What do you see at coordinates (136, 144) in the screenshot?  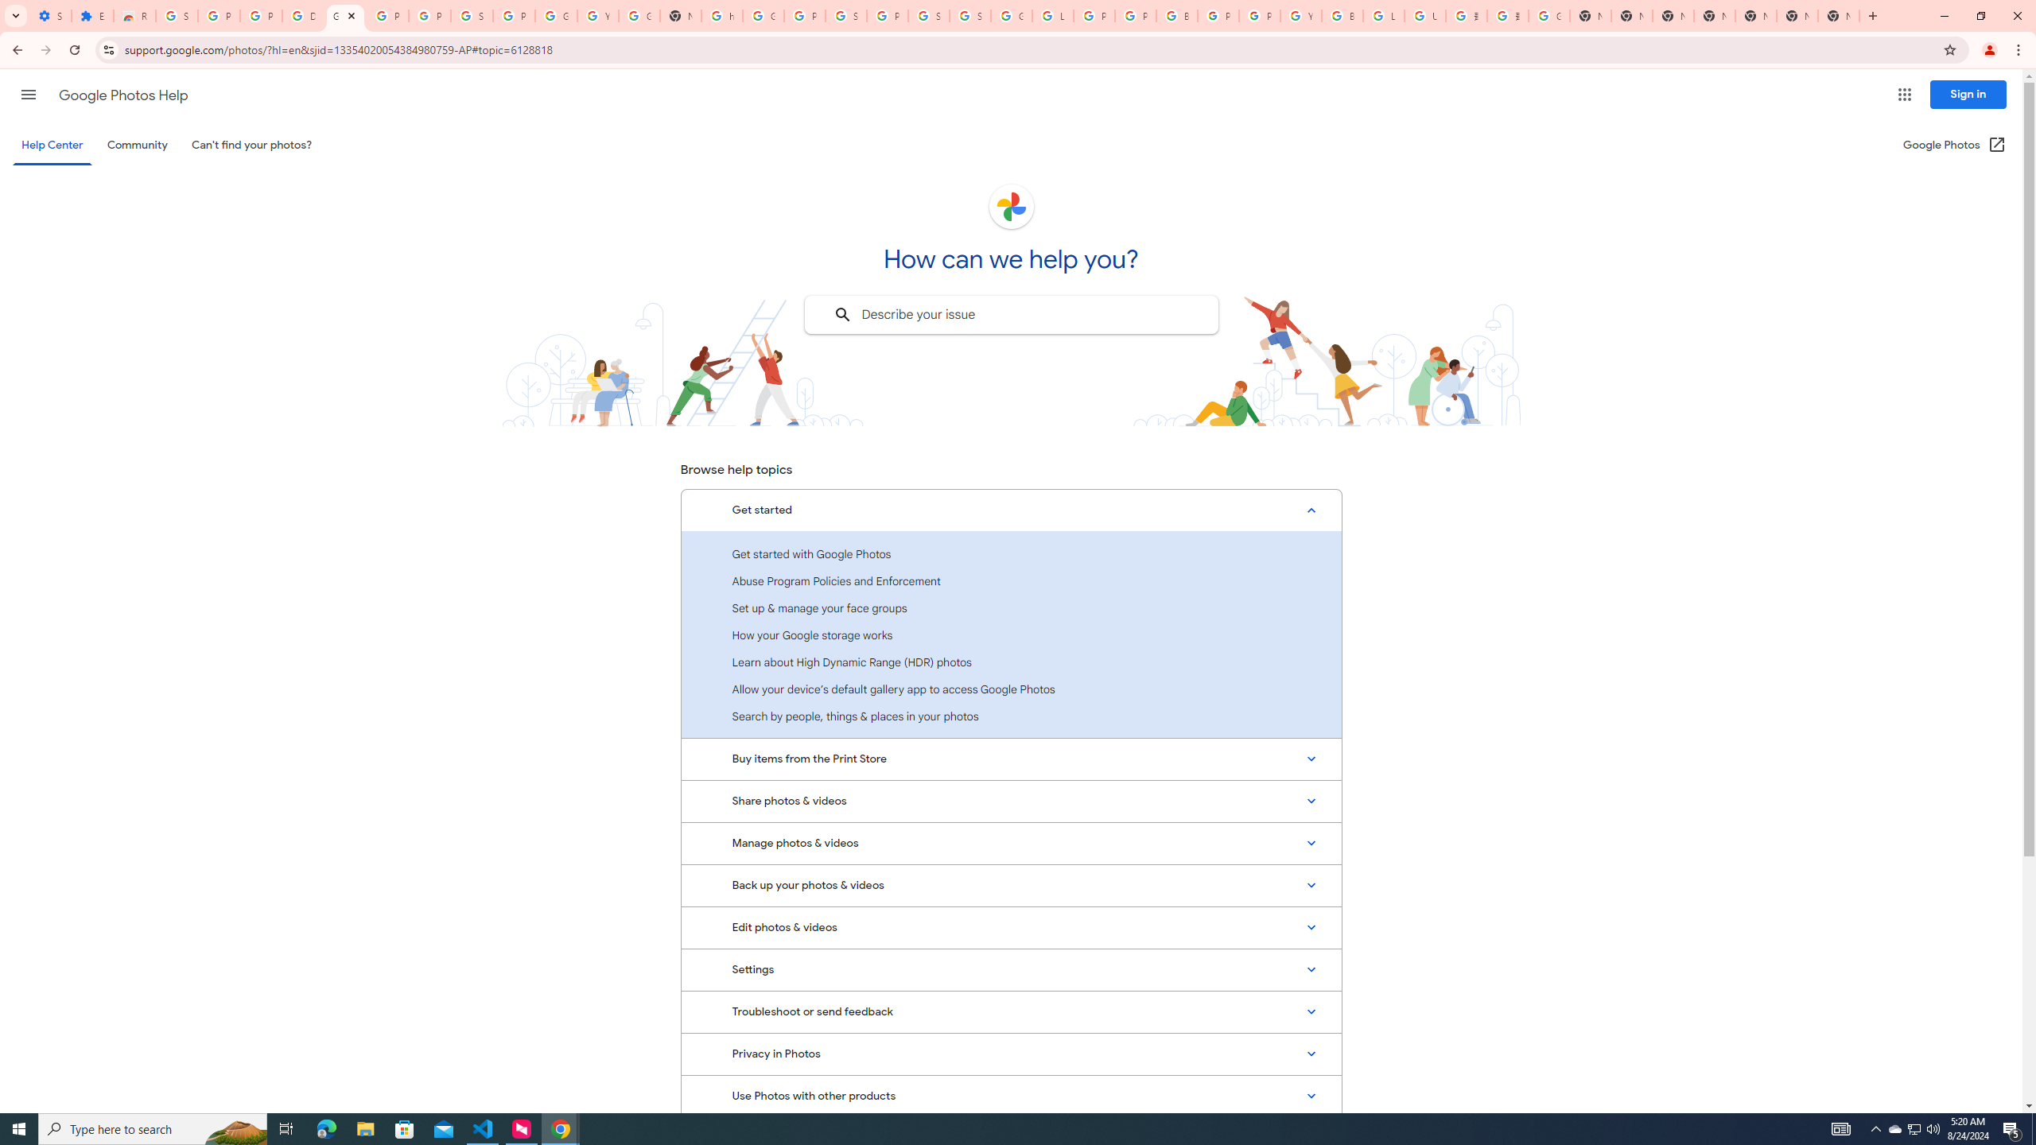 I see `'Community'` at bounding box center [136, 144].